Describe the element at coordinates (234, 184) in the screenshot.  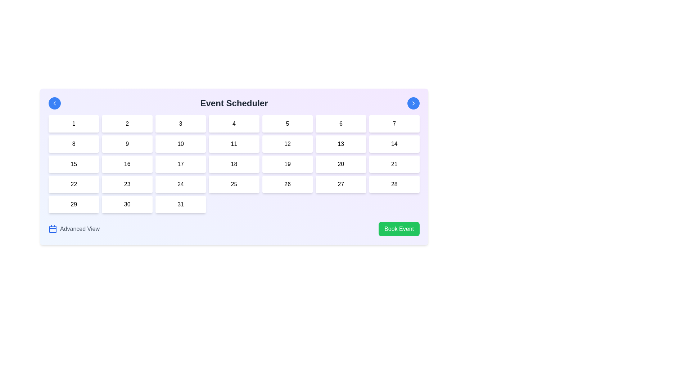
I see `the selectable day button on the calendar interface located in the fourth row and fourth column` at that location.